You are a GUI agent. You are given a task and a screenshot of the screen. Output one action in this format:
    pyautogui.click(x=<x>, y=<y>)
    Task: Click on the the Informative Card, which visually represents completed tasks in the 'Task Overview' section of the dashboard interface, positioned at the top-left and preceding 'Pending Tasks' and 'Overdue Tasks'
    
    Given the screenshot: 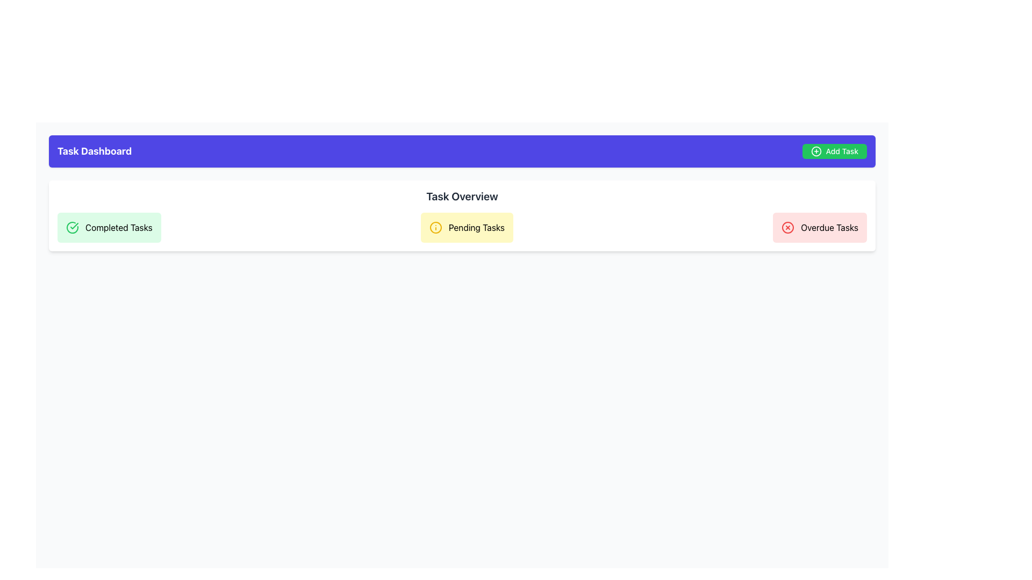 What is the action you would take?
    pyautogui.click(x=109, y=227)
    